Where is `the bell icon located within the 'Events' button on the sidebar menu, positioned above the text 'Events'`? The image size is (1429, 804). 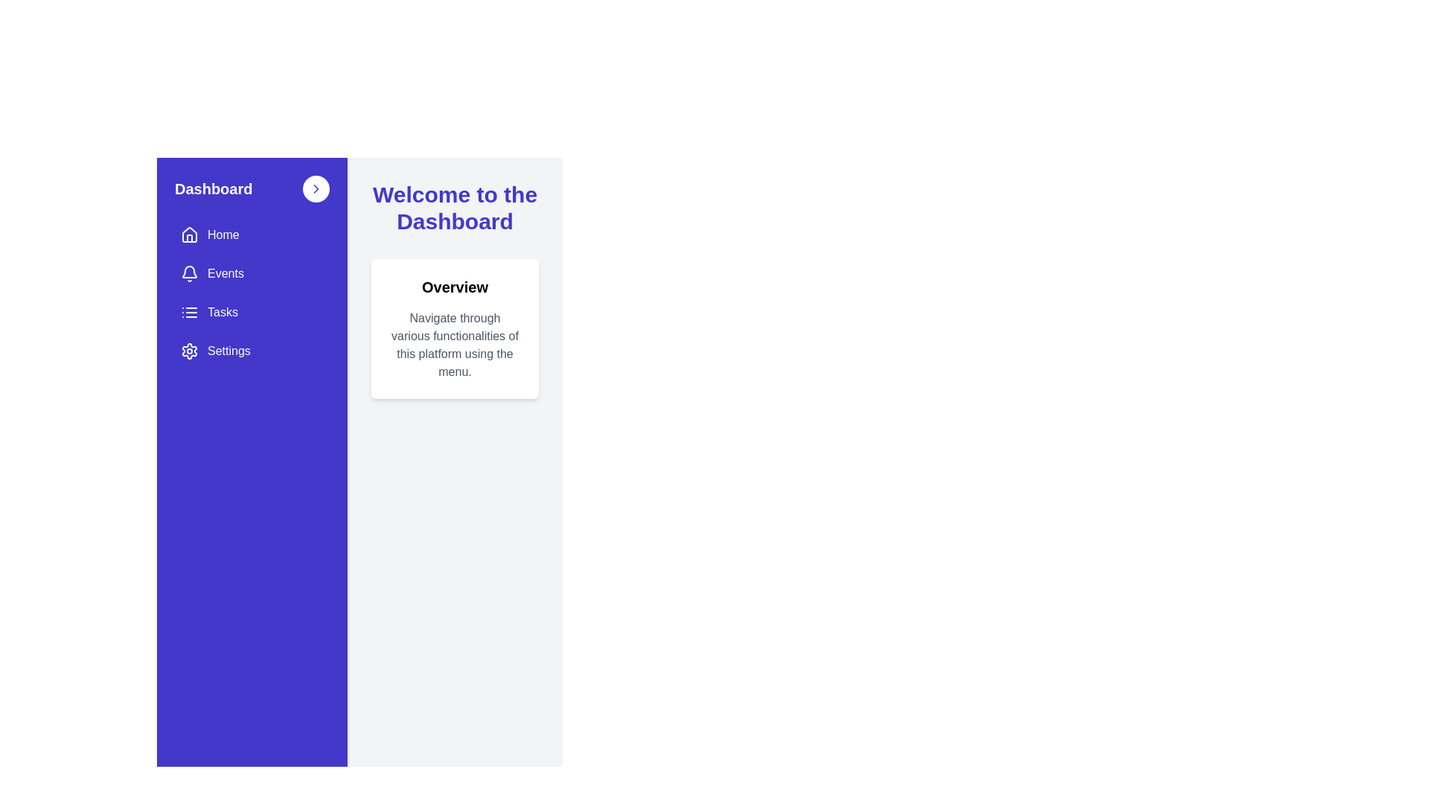
the bell icon located within the 'Events' button on the sidebar menu, positioned above the text 'Events' is located at coordinates (188, 273).